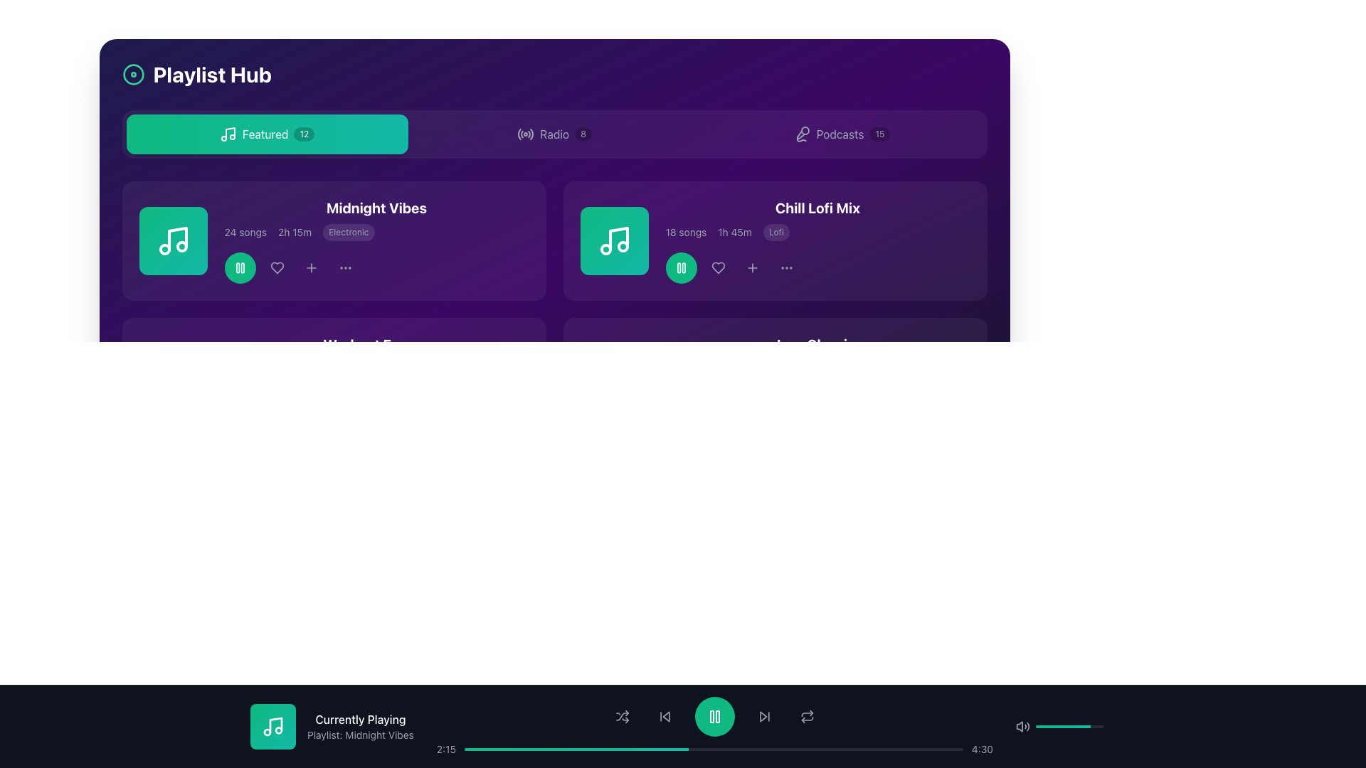 This screenshot has height=768, width=1366. I want to click on the displayed elapsed time on the audio playback bar, which is the first text label to the left of the progress bar, so click(445, 748).